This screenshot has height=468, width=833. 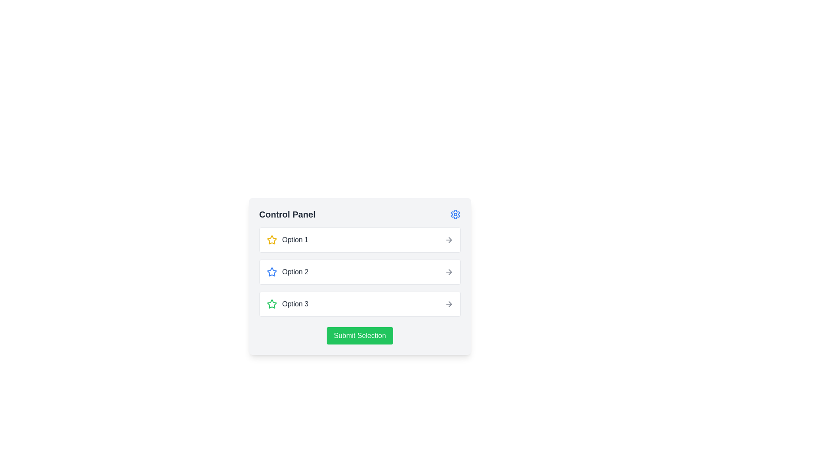 I want to click on the second arrow icon from the top in the vertical group of options within the 'Option 2' section, so click(x=449, y=272).